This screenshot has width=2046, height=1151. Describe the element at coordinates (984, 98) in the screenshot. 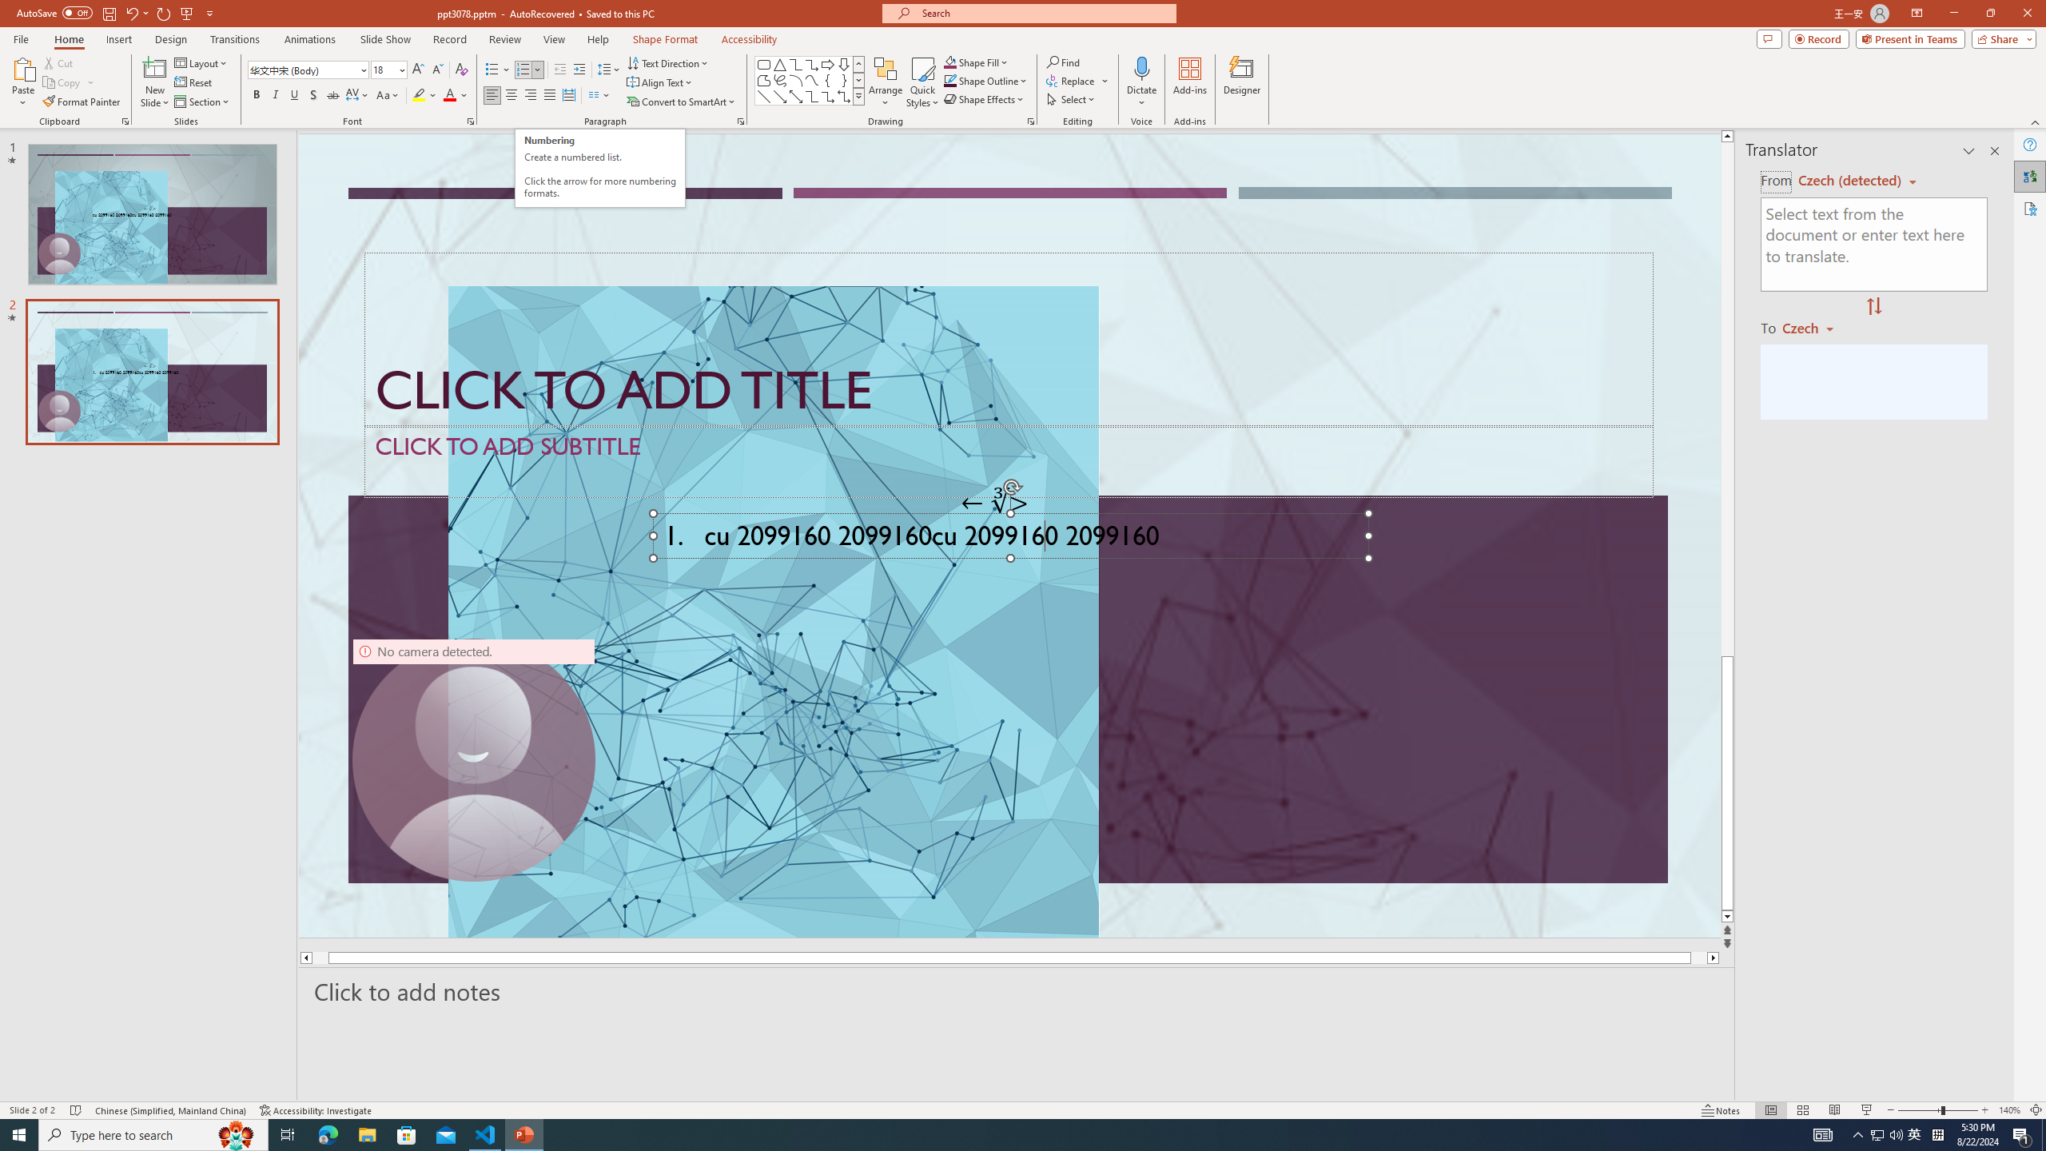

I see `'Shape Effects'` at that location.